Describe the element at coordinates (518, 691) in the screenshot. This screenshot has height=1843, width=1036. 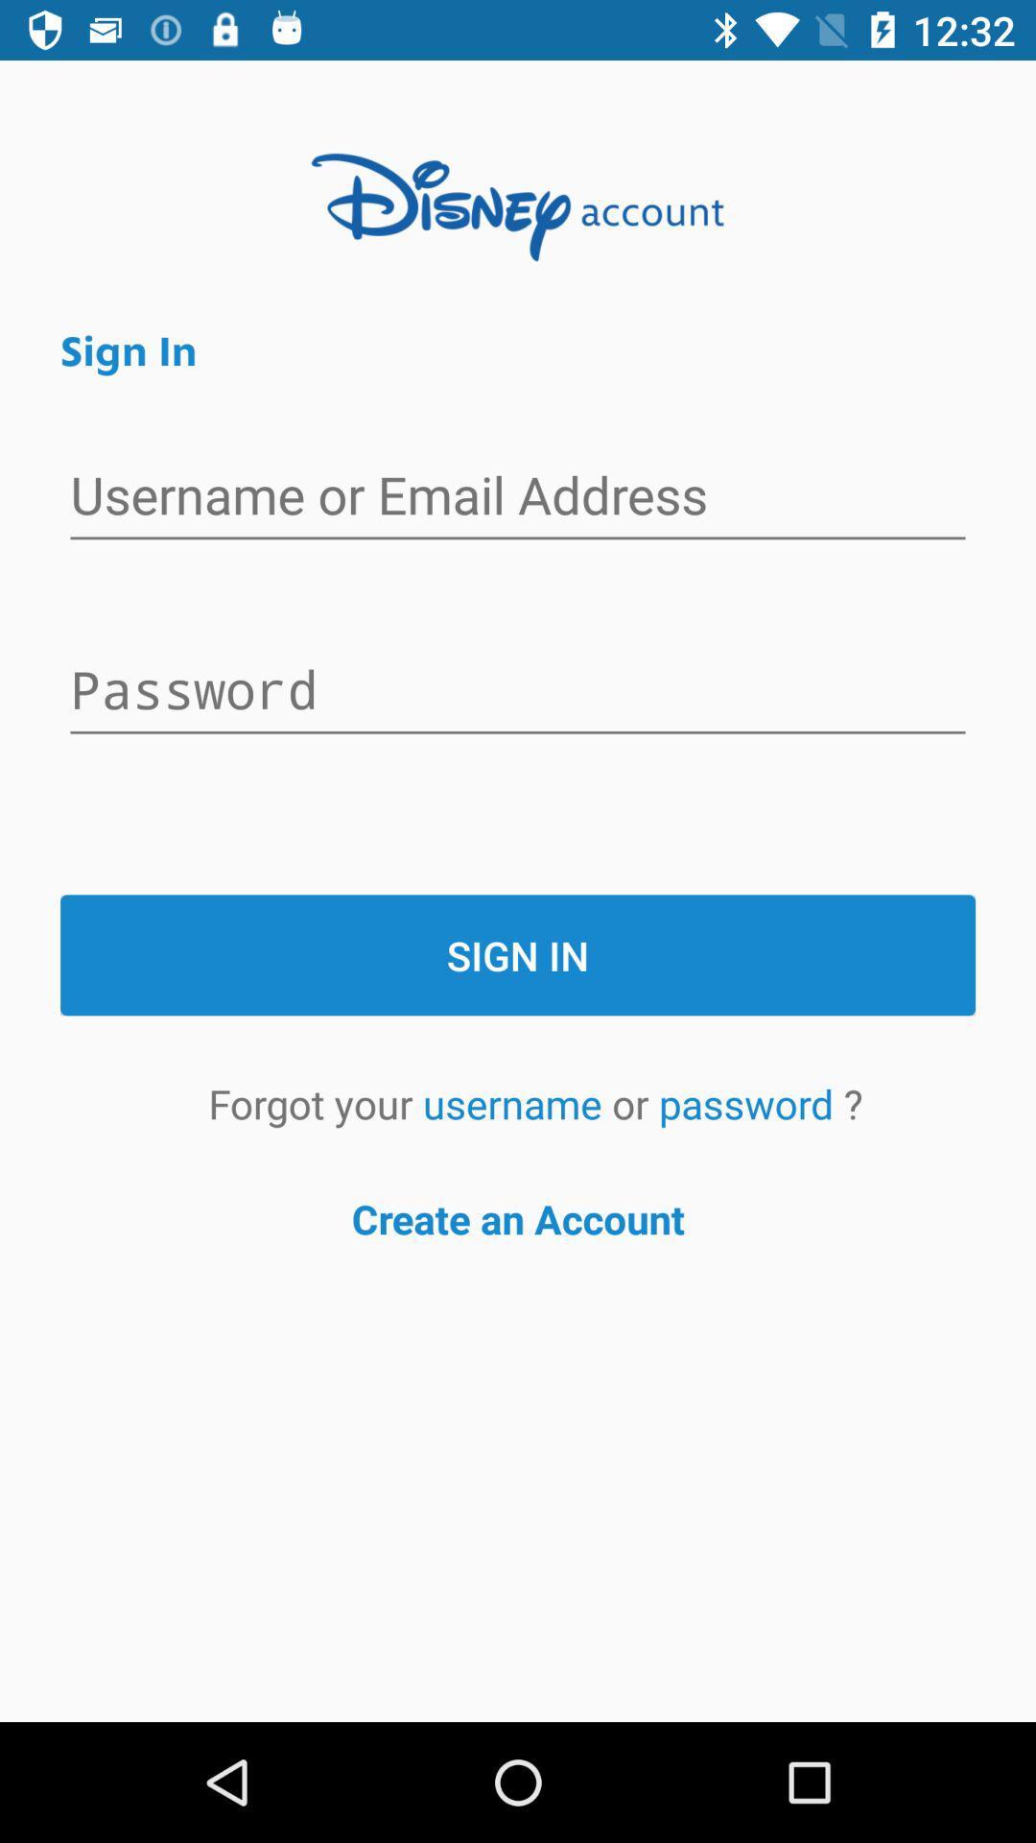
I see `password` at that location.